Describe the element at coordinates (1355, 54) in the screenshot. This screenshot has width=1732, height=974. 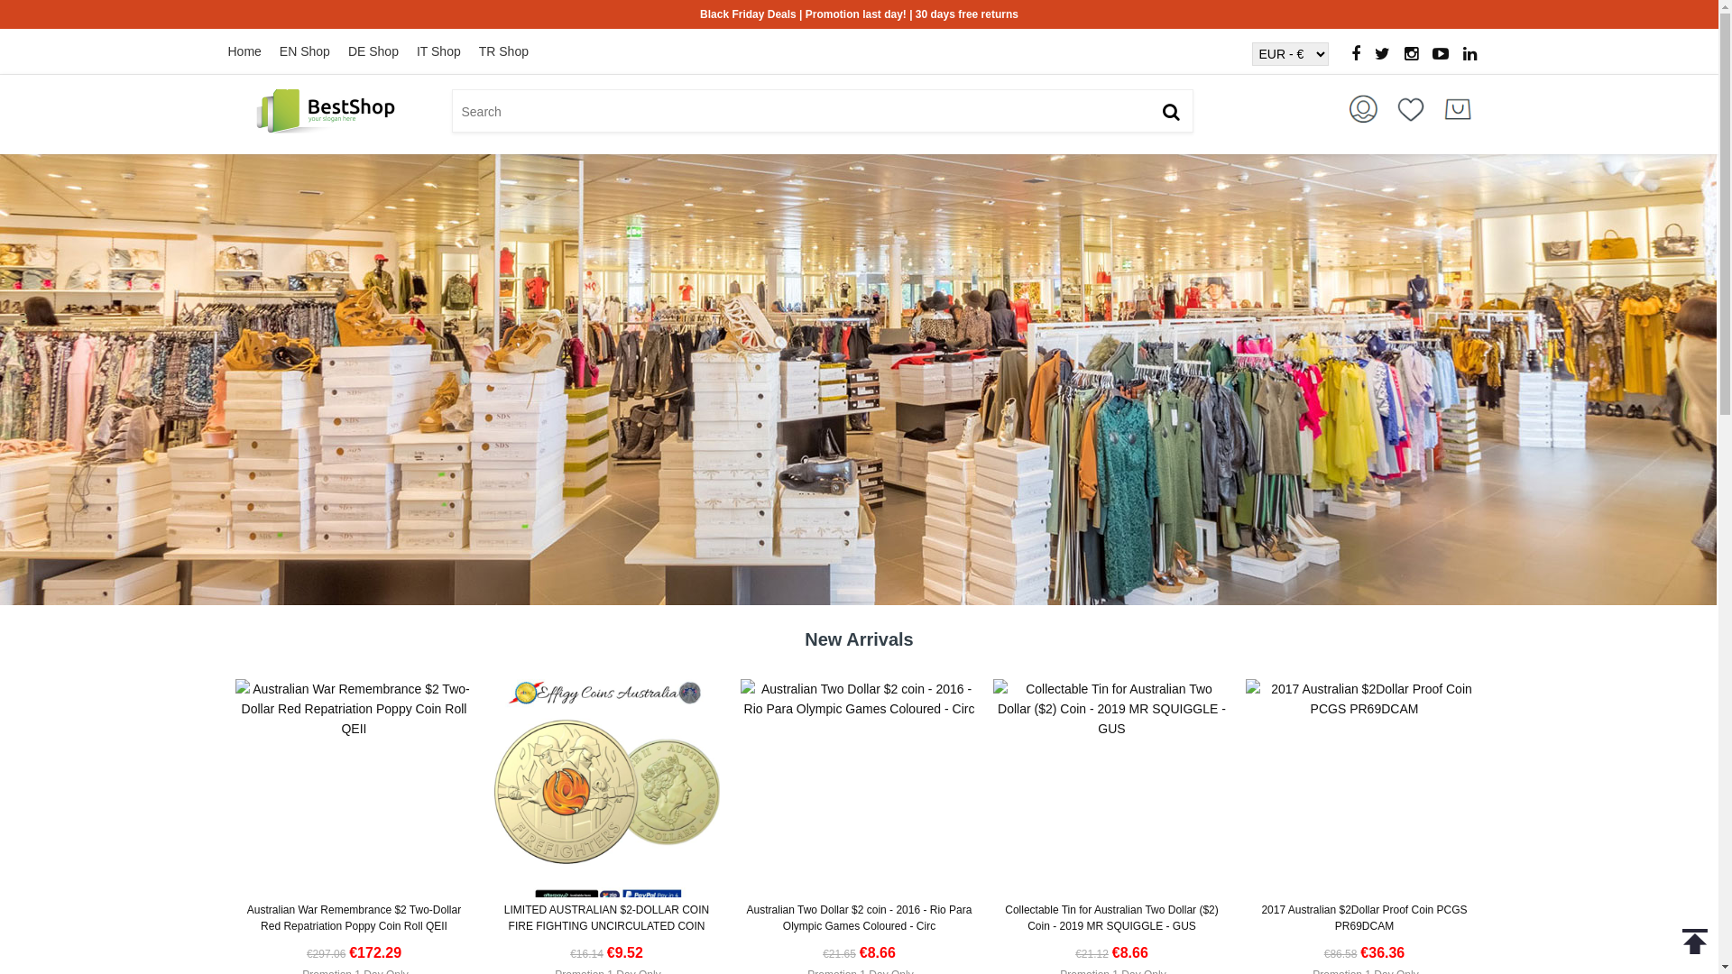
I see `'facebook'` at that location.